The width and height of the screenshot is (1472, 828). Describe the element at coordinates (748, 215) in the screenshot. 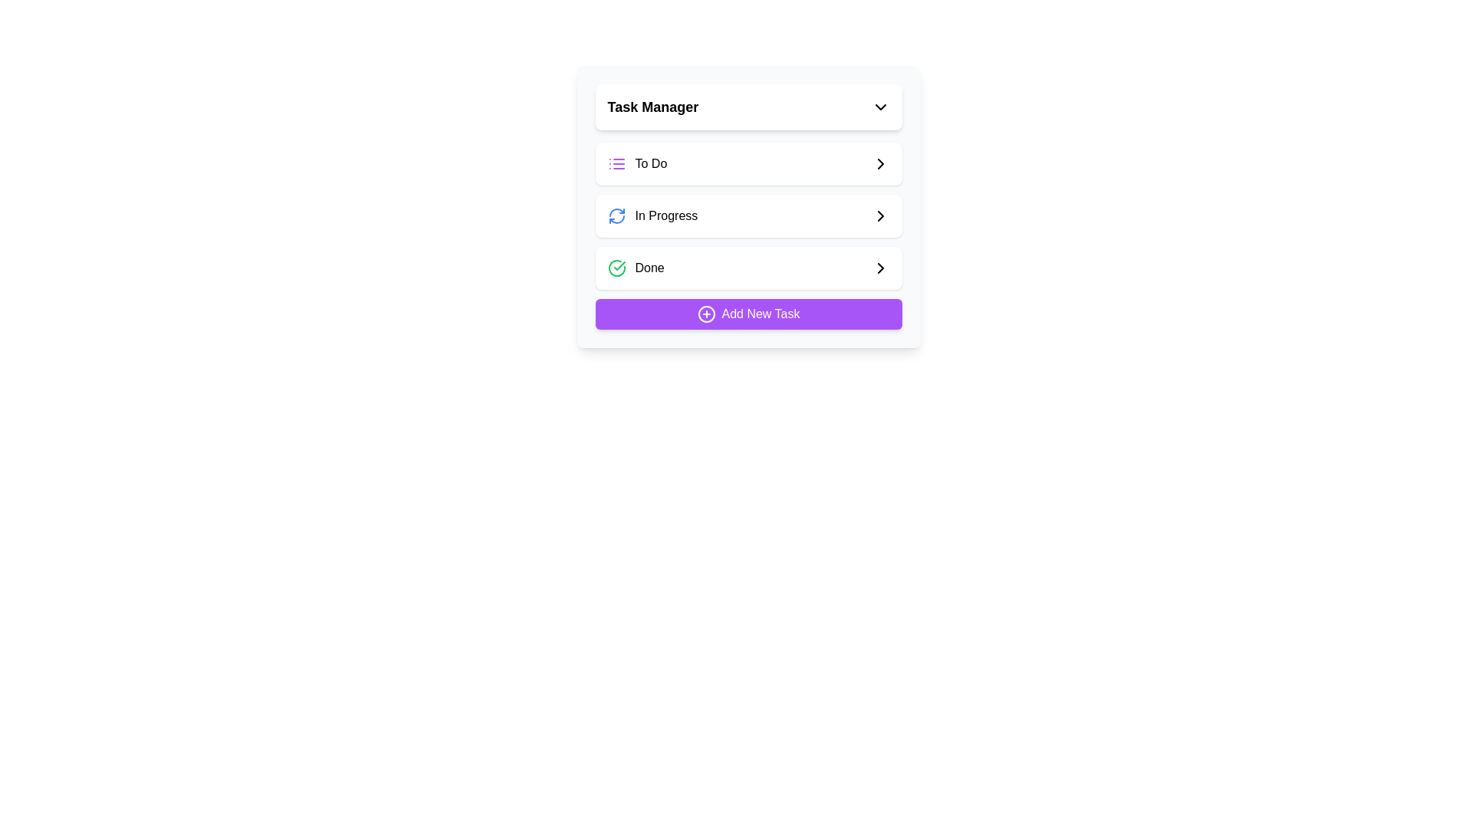

I see `the 'In Progress' task category element located in the middle section of the list, positioned between 'To Do' and 'Done'` at that location.